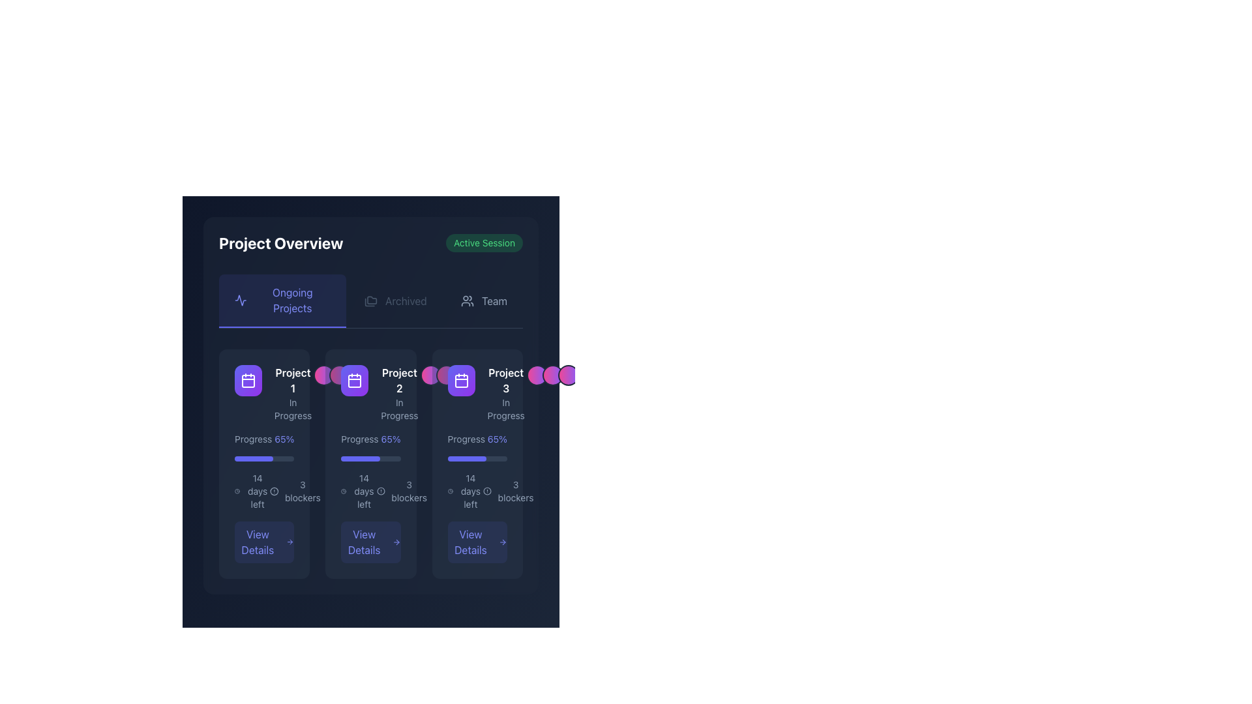 This screenshot has height=704, width=1252. I want to click on value displayed in the static text label showing '65%' in indigo color, which is part of the 'Project 2' card under the 'Progress' label, so click(390, 439).